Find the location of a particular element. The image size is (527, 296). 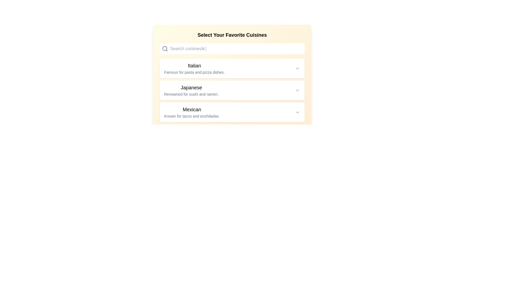

the second option in the list of selectable cards for 'Japanese' cuisine to focus on it is located at coordinates (232, 90).